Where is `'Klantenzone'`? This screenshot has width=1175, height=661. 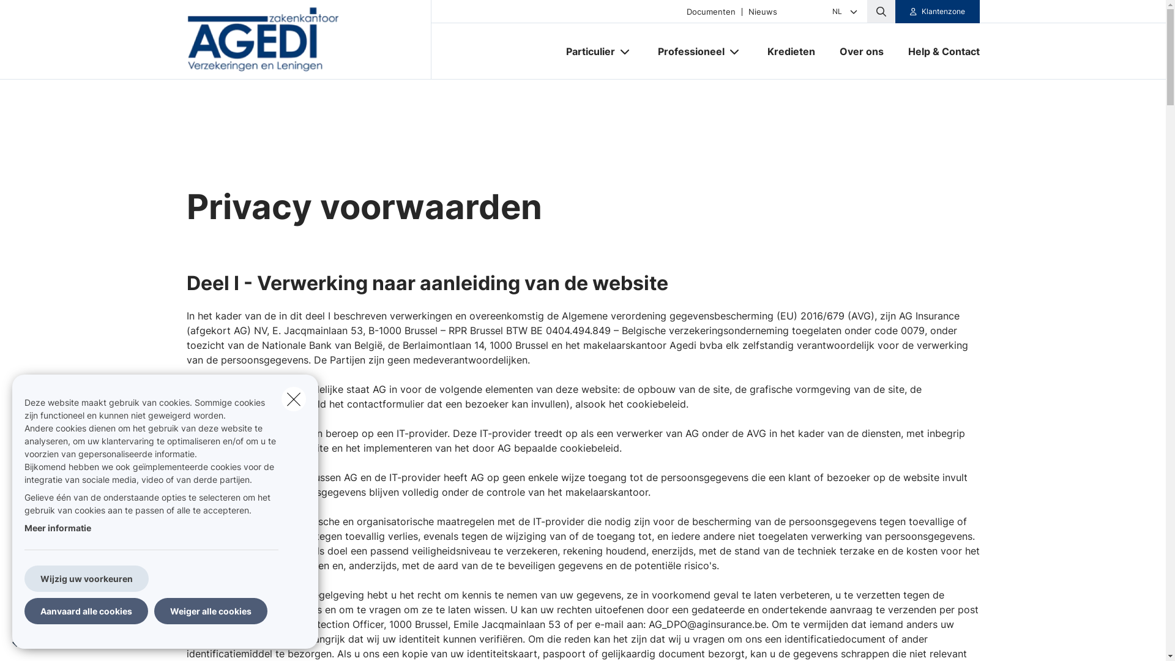 'Klantenzone' is located at coordinates (936, 12).